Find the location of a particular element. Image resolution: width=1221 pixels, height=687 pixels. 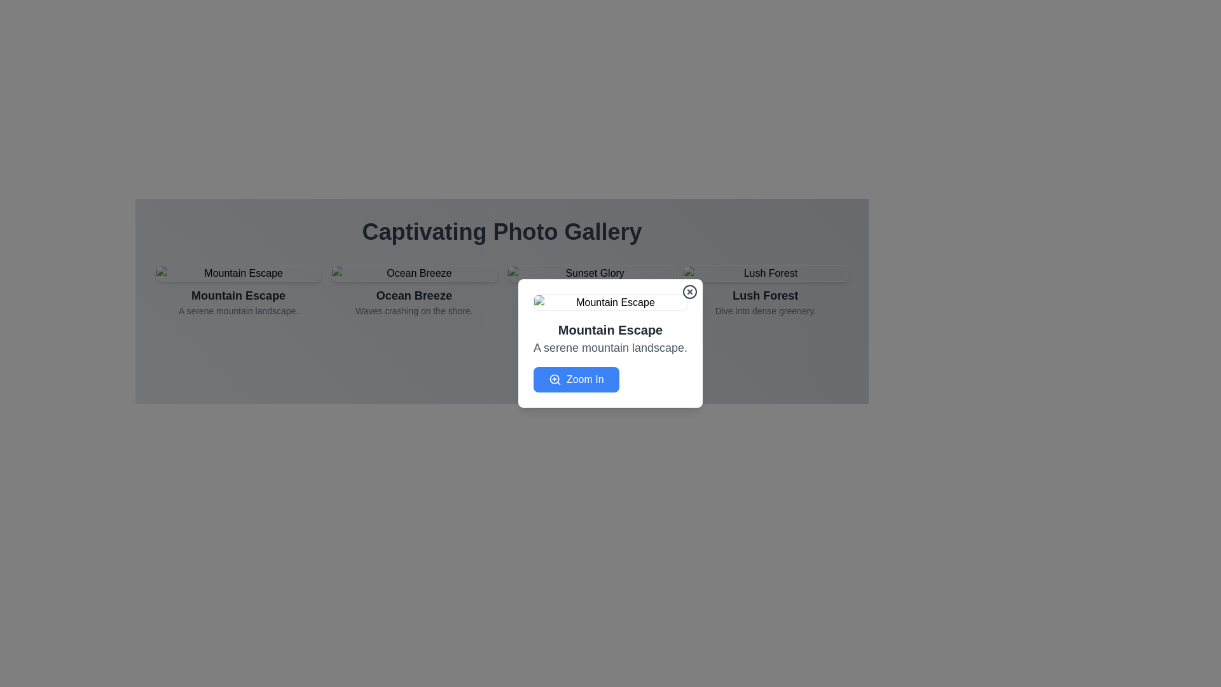

the 'Ocean Breeze' image placeholder in the gallery, which is the second entry from the left is located at coordinates (414, 272).